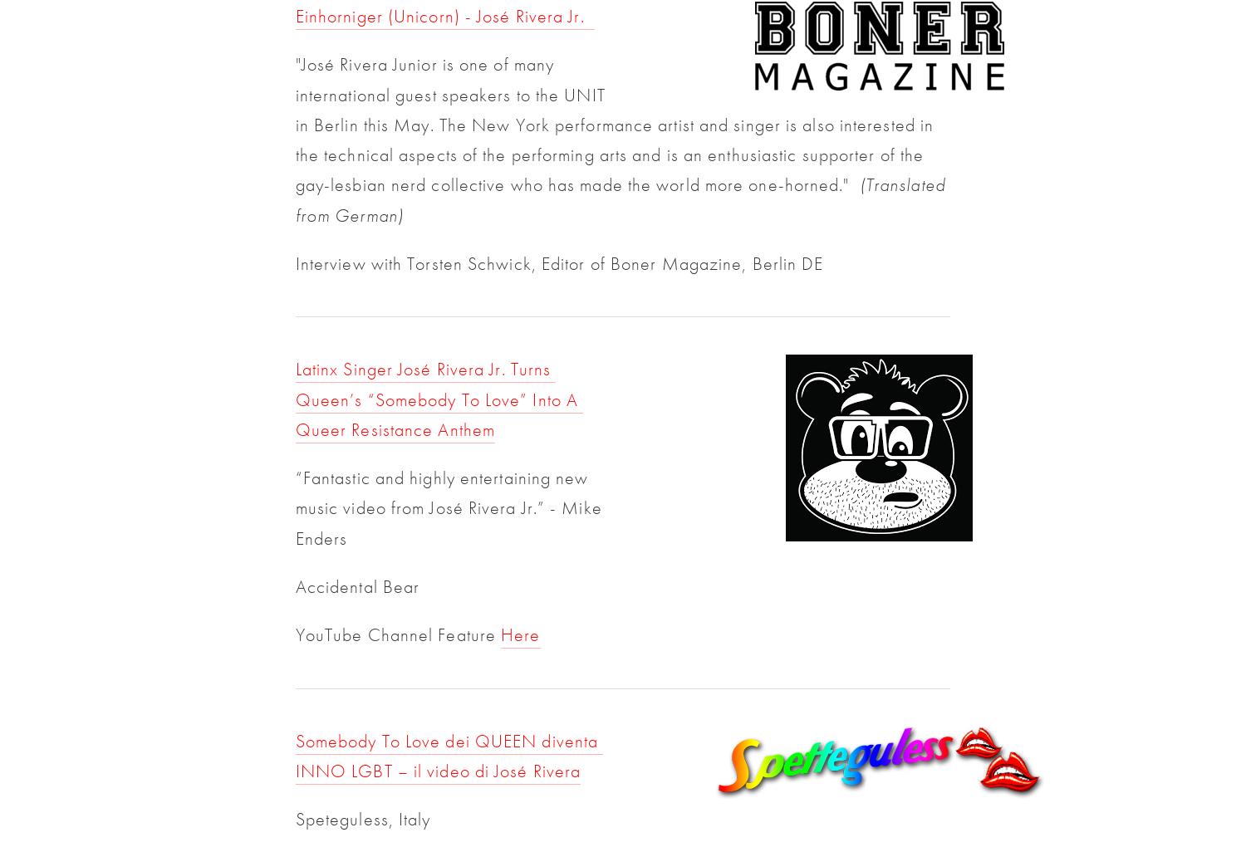 The image size is (1246, 852). Describe the element at coordinates (294, 398) in the screenshot. I see `'Latinx Singer José Rivera Jr. Turns Queen’s “Somebody To Love” Into A Queer Resistance Anthem'` at that location.